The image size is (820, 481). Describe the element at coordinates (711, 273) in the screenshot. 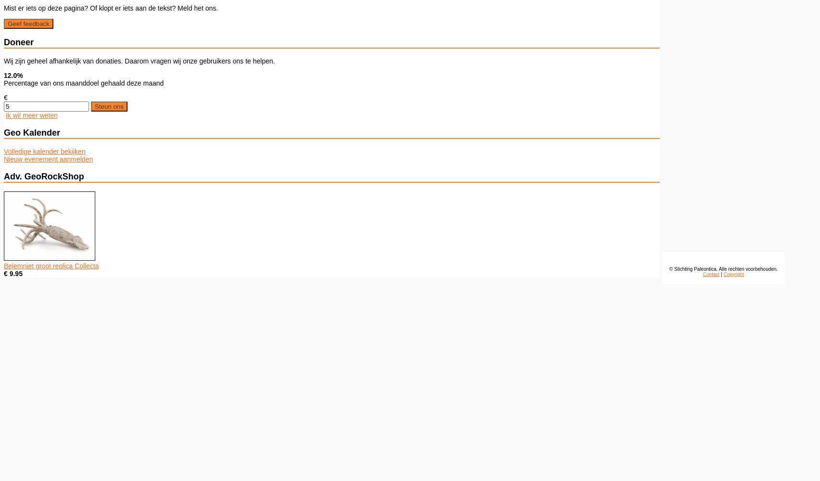

I see `'Contact'` at that location.